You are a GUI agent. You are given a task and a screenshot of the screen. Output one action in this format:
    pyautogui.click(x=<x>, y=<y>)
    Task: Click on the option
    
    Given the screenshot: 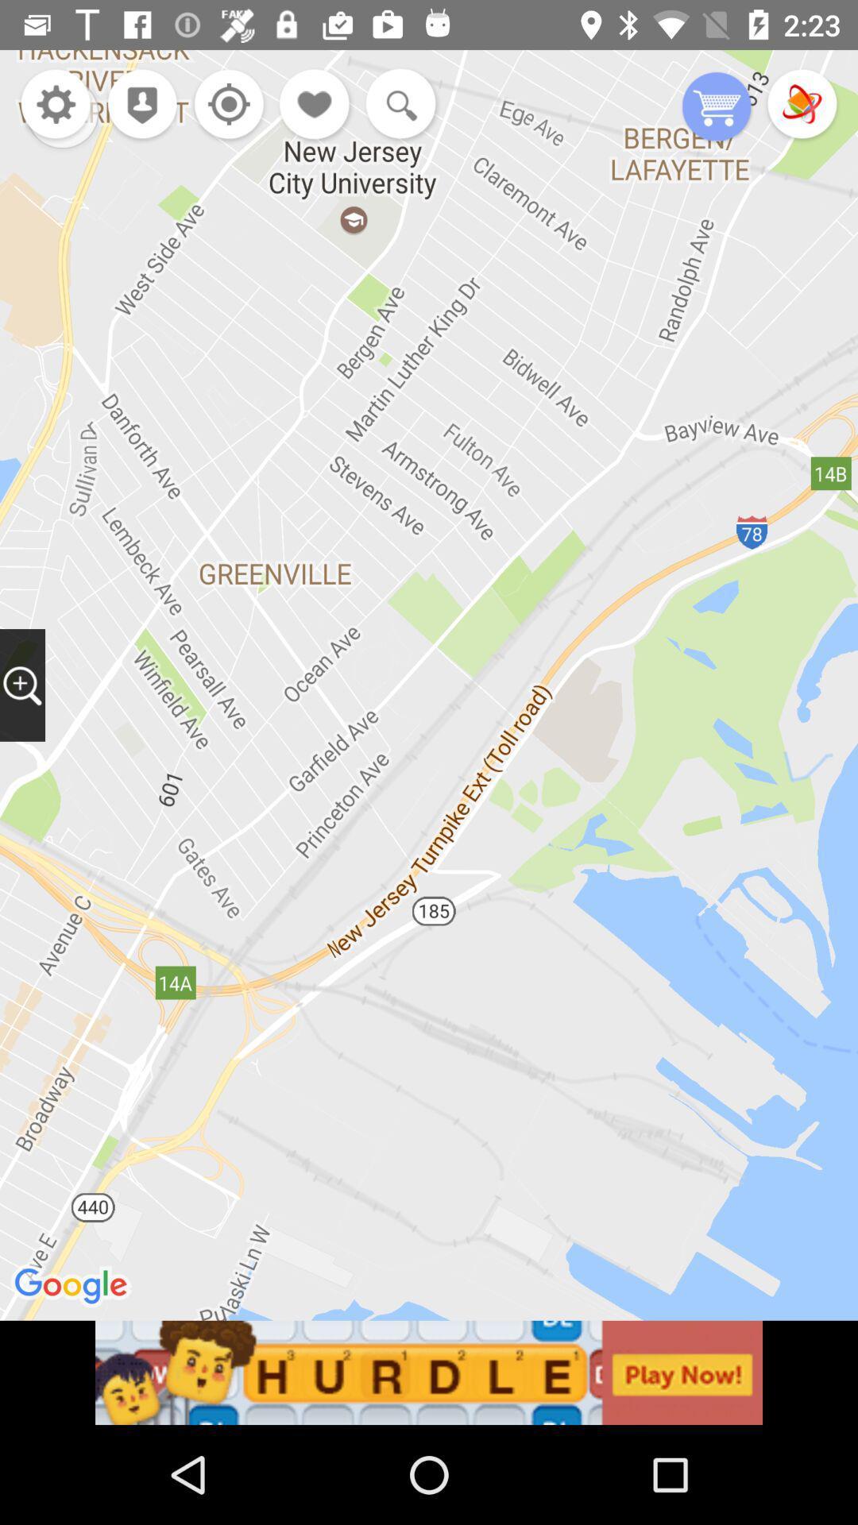 What is the action you would take?
    pyautogui.click(x=225, y=105)
    